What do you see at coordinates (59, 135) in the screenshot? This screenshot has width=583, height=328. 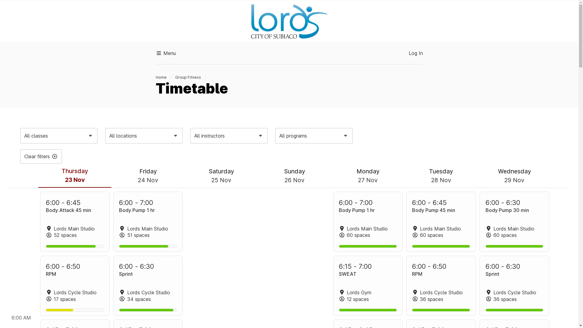 I see `'All classes'` at bounding box center [59, 135].